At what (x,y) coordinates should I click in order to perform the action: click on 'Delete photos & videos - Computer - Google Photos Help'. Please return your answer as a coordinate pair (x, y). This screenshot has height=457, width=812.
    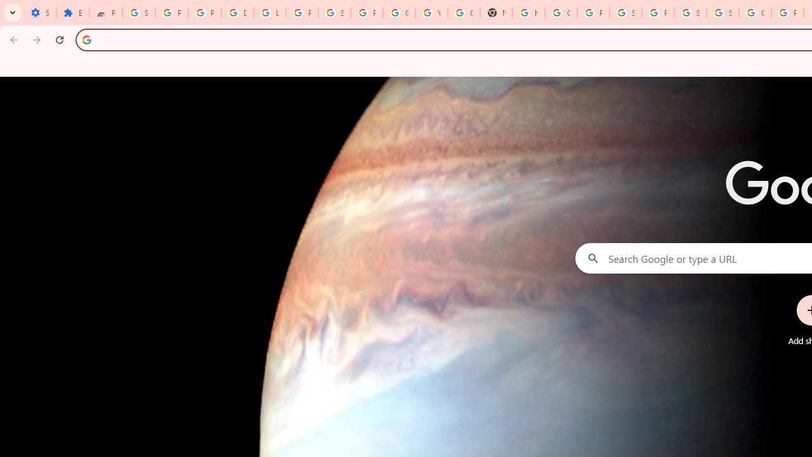
    Looking at the image, I should click on (238, 13).